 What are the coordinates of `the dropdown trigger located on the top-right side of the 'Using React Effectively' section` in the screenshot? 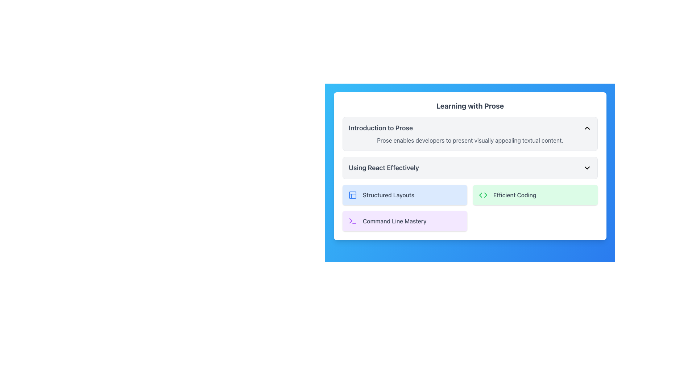 It's located at (587, 168).